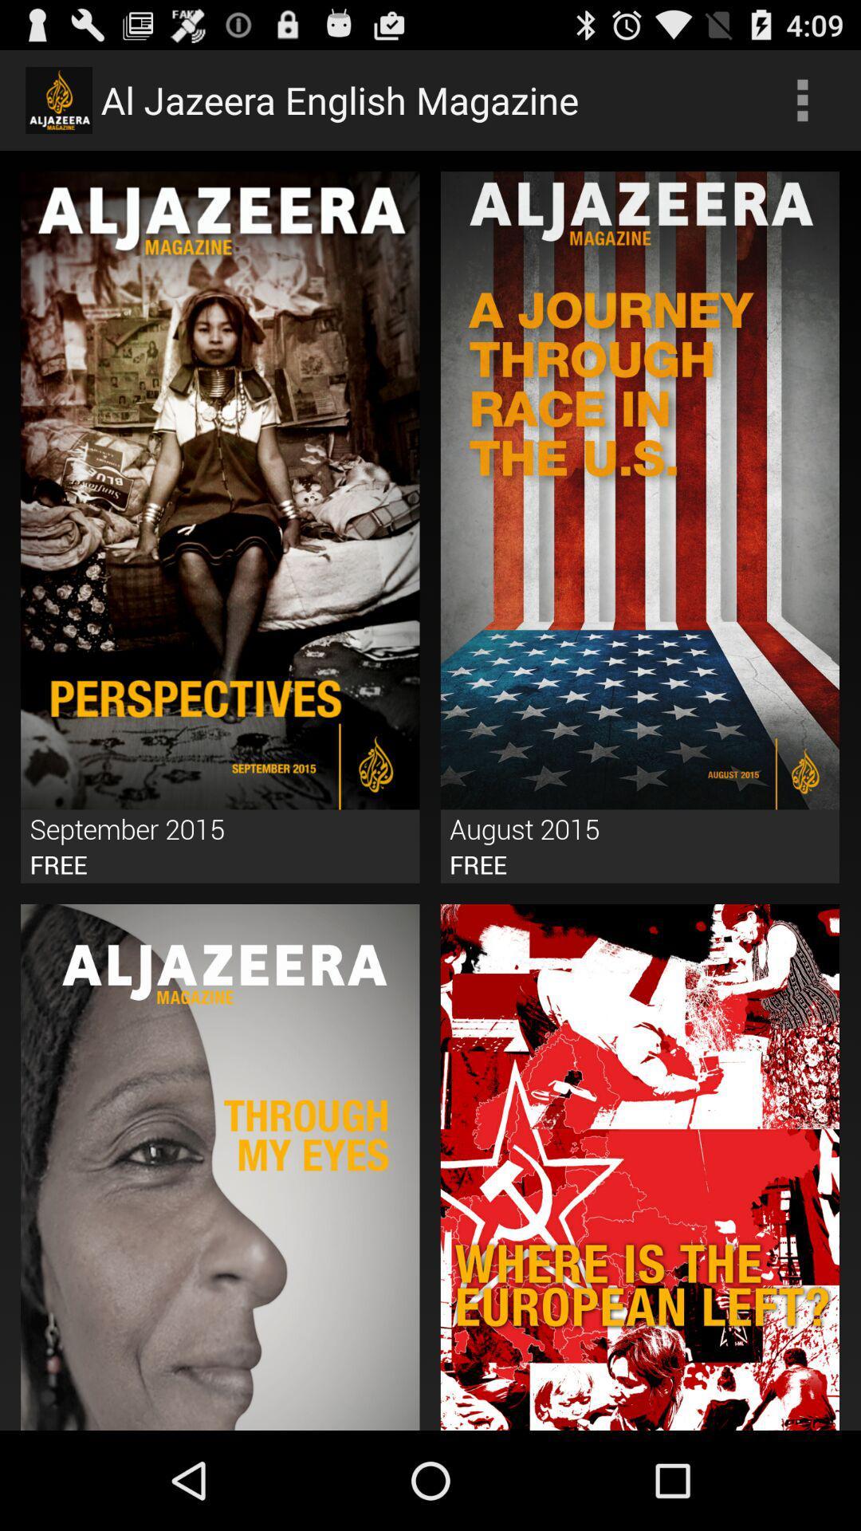 This screenshot has height=1531, width=861. What do you see at coordinates (802, 99) in the screenshot?
I see `the icon to the right of al jazeera english icon` at bounding box center [802, 99].